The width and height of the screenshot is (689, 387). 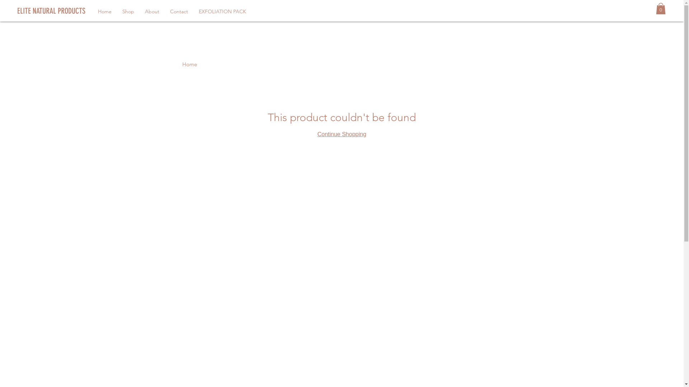 I want to click on '0', so click(x=660, y=8).